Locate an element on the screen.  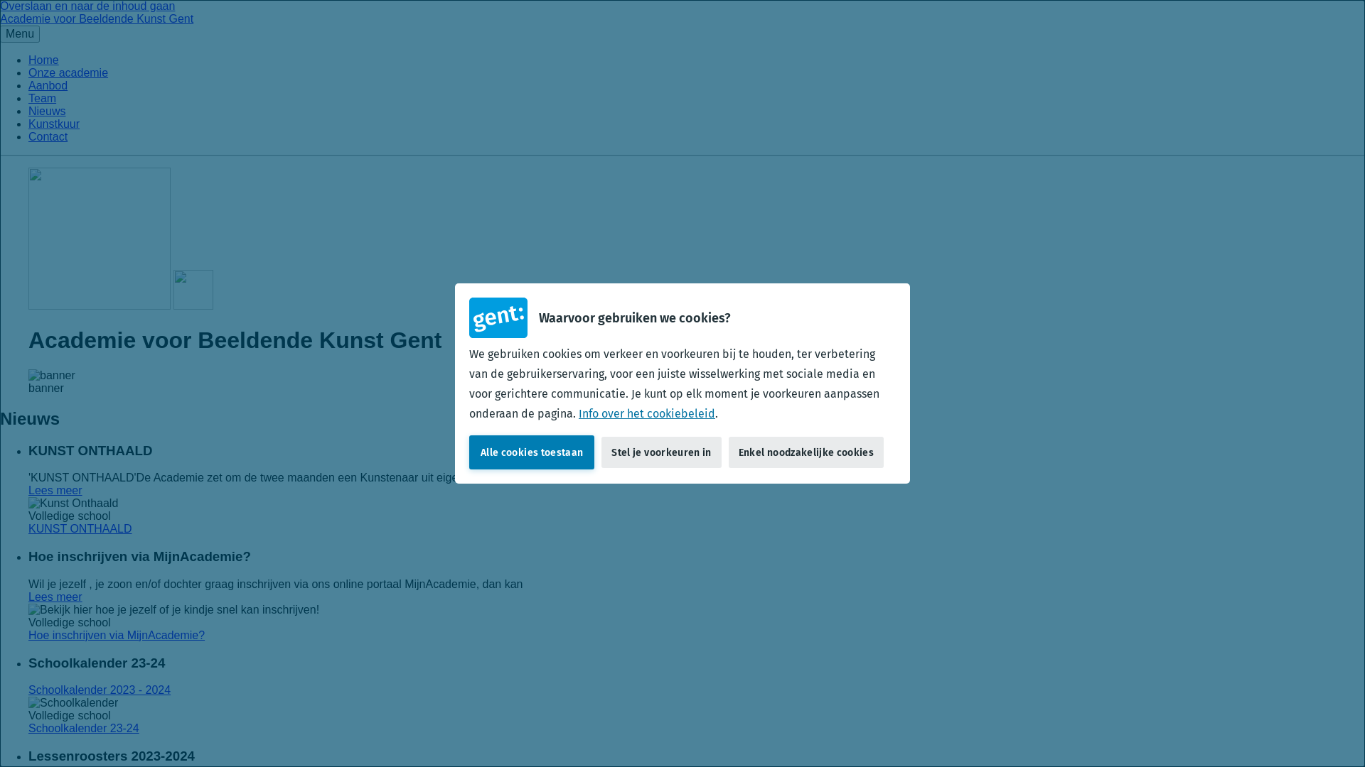
'Stel je voorkeuren in' is located at coordinates (660, 452).